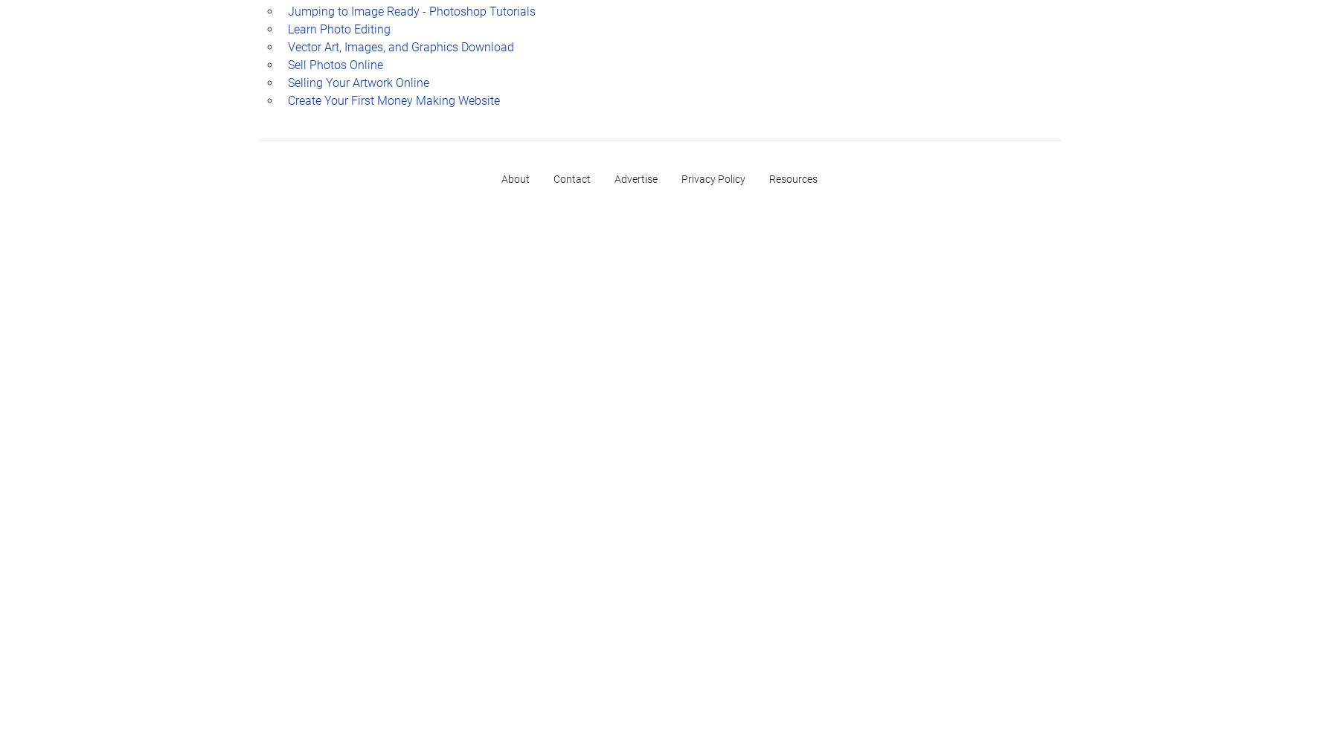 The image size is (1319, 744). I want to click on 'Vector Art, Images, and Graphics Download', so click(399, 46).